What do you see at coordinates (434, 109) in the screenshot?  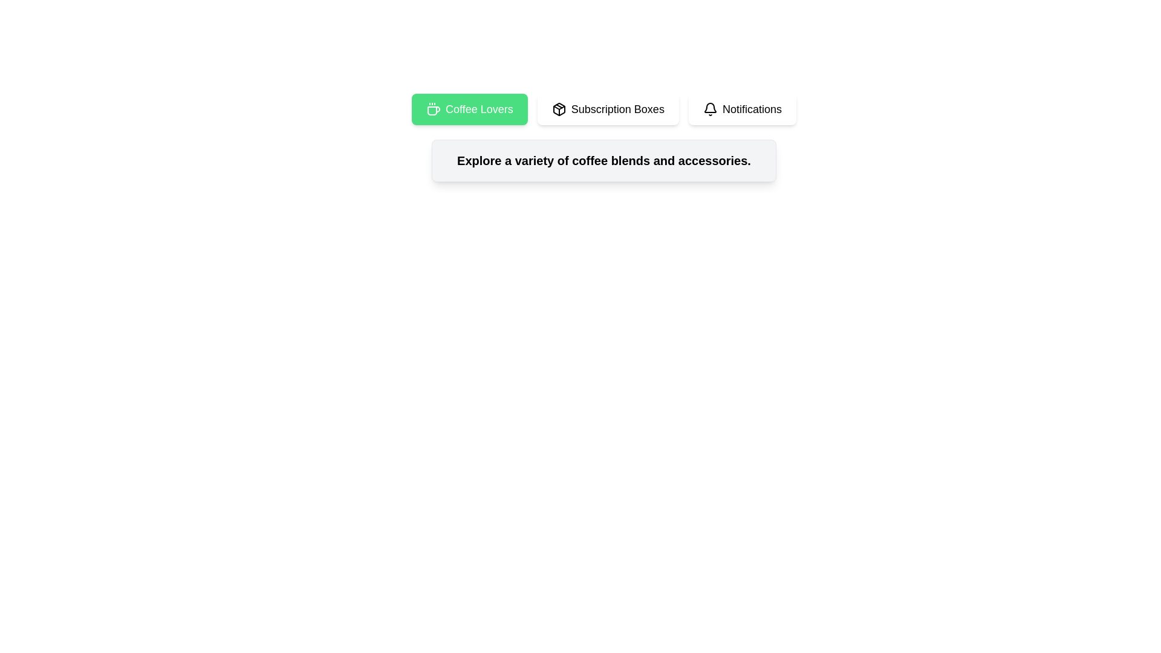 I see `the coffee cup icon, which is a graphical SVG element styled with a thick, rounded stroke and positioned to the left of the 'Coffee Lovers' button` at bounding box center [434, 109].